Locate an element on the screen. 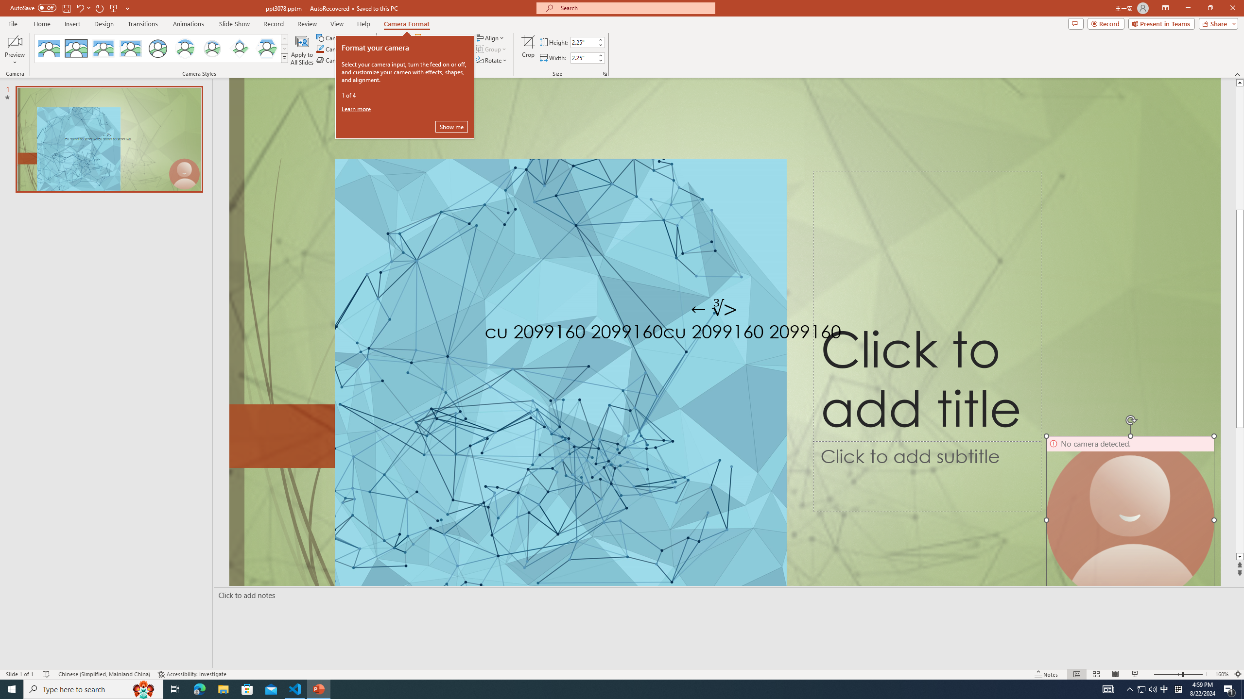  'Camera Styles' is located at coordinates (285, 57).